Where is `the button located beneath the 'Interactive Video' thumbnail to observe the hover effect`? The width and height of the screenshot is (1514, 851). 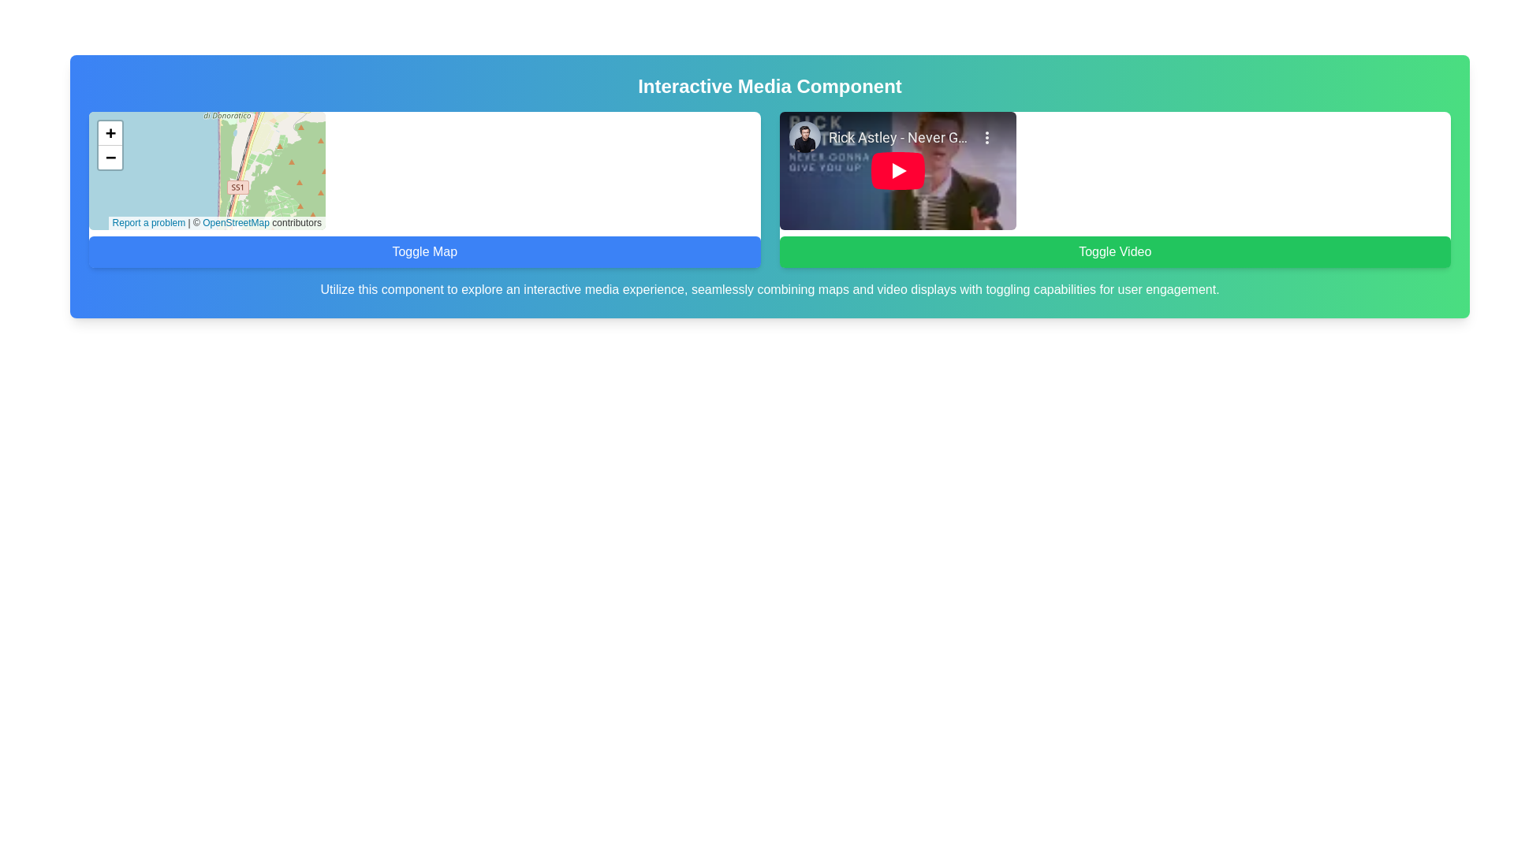
the button located beneath the 'Interactive Video' thumbnail to observe the hover effect is located at coordinates (1114, 251).